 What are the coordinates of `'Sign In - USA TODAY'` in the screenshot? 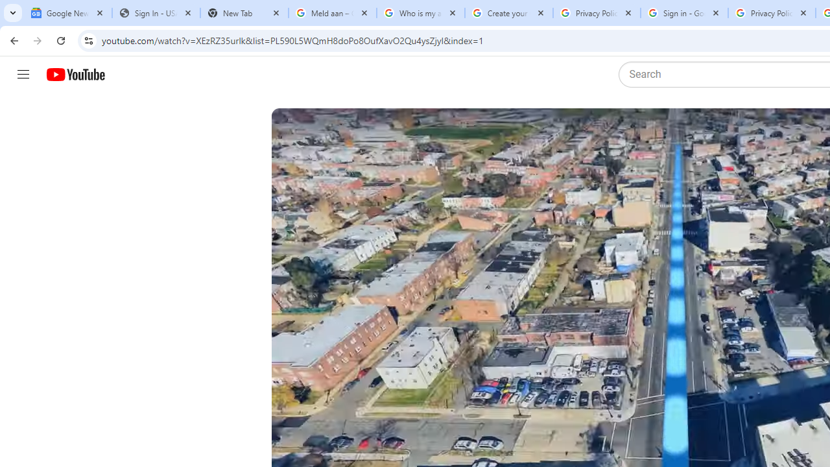 It's located at (156, 13).